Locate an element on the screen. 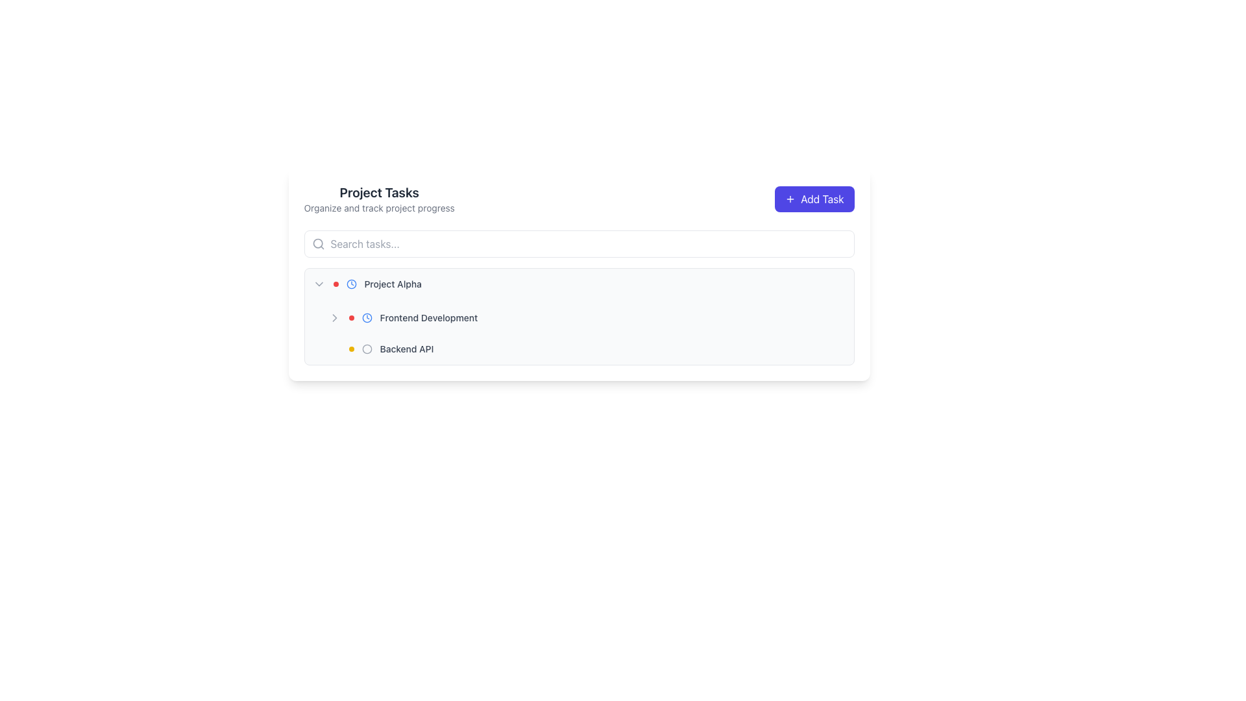  the 'Add Task' button located in the 'Project Tasks' section, positioned at the right-hand side of the header area containing the title 'Project Tasks'. This button triggers hover effects when interacted with is located at coordinates (814, 199).